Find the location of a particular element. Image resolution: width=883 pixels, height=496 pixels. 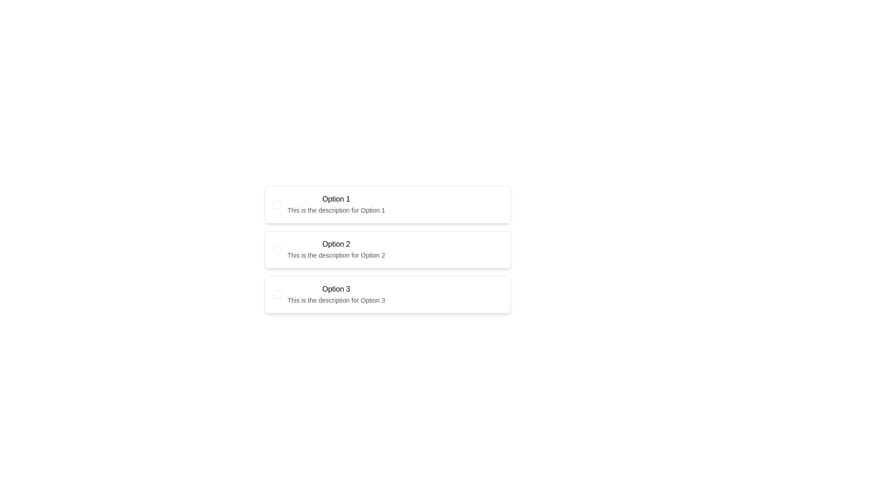

the text block displaying 'This is the description for Option 1', which is styled in a smaller font size and light gray color, positioned directly below the 'Option 1' label is located at coordinates (336, 210).